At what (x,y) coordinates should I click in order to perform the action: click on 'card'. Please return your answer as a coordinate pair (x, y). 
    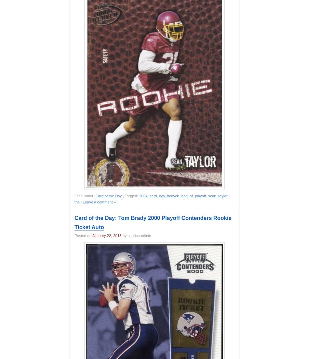
    Looking at the image, I should click on (149, 196).